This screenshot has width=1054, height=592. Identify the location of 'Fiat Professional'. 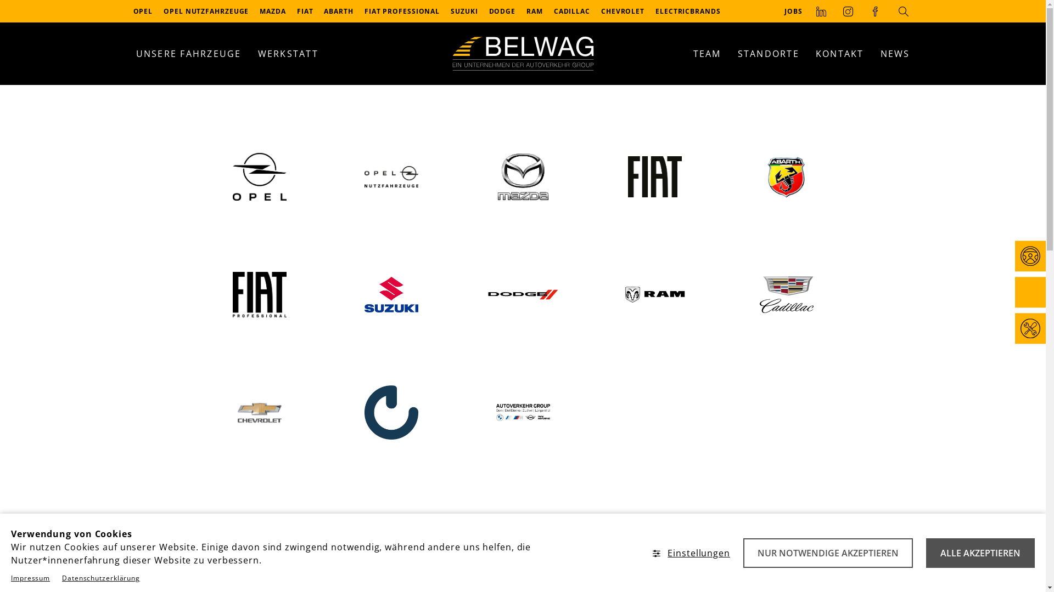
(258, 294).